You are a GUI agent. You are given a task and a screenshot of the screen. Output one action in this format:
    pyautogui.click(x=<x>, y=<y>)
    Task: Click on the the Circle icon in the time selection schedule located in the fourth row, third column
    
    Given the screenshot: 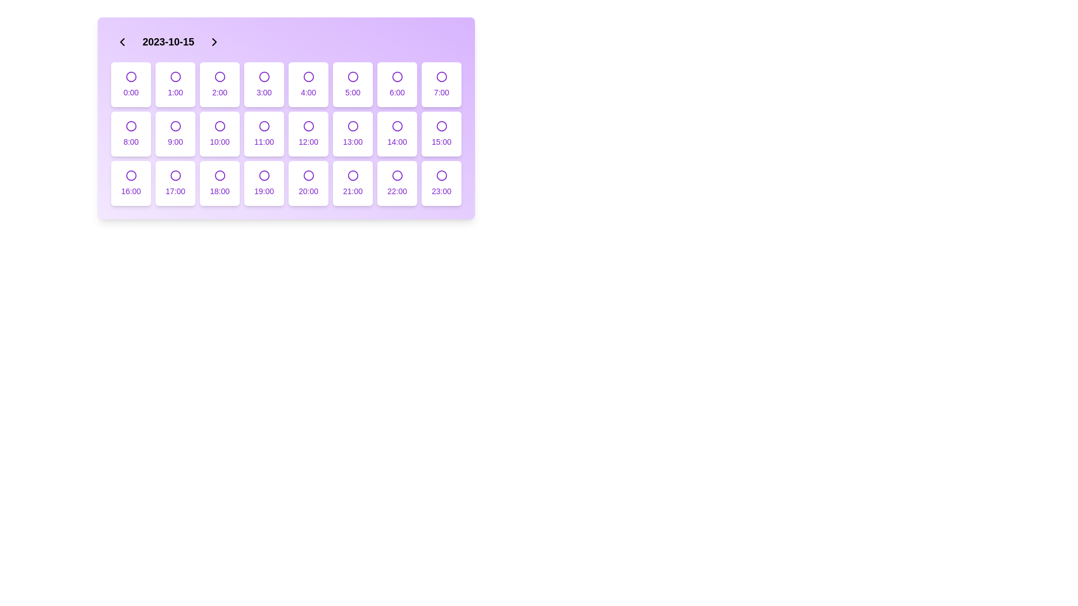 What is the action you would take?
    pyautogui.click(x=263, y=175)
    